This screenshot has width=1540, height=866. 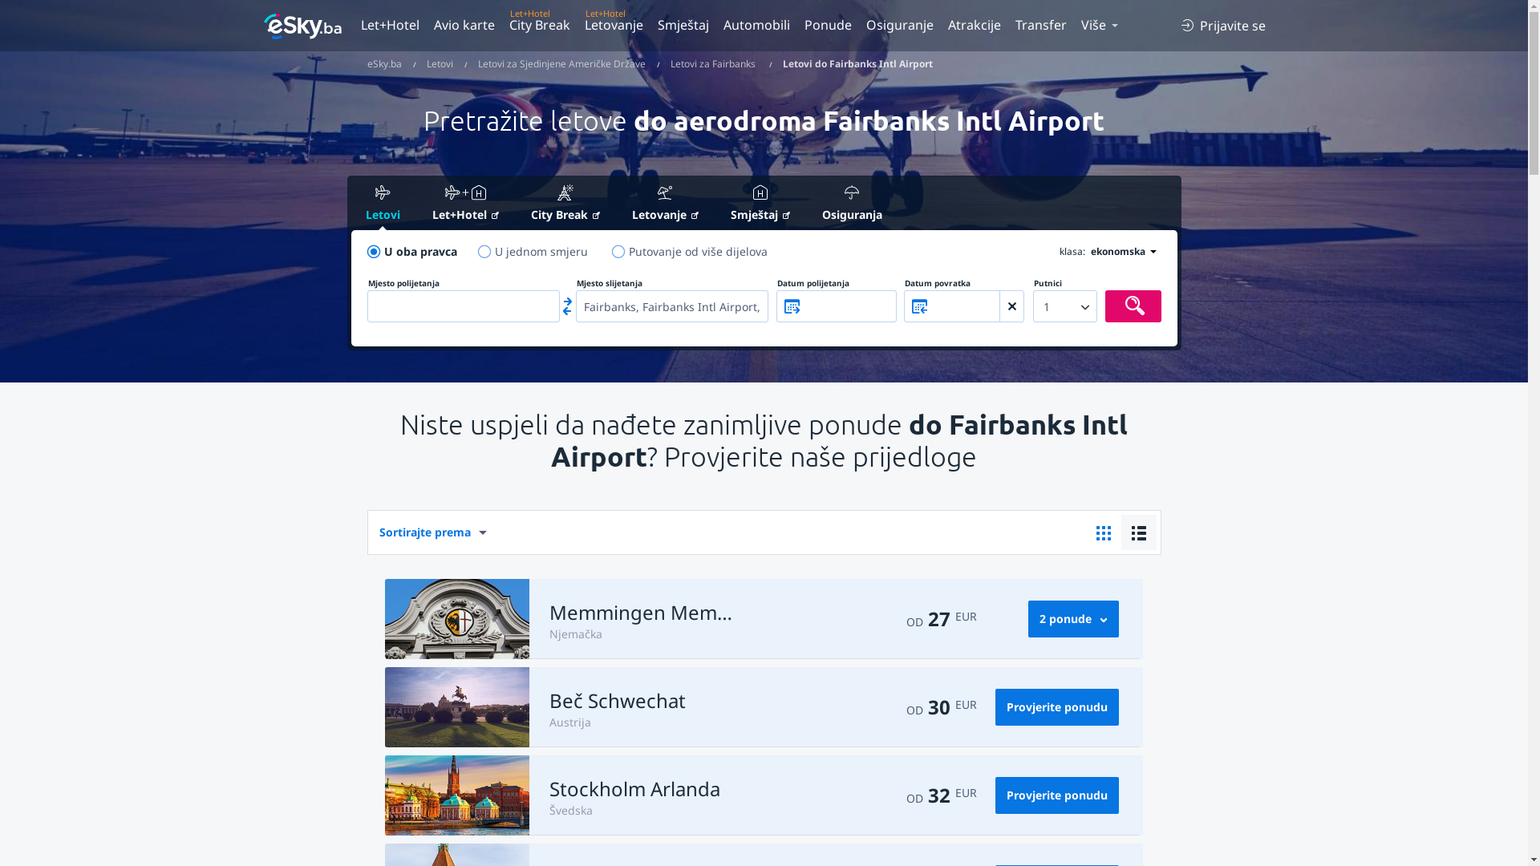 I want to click on 'City Break', so click(x=539, y=24).